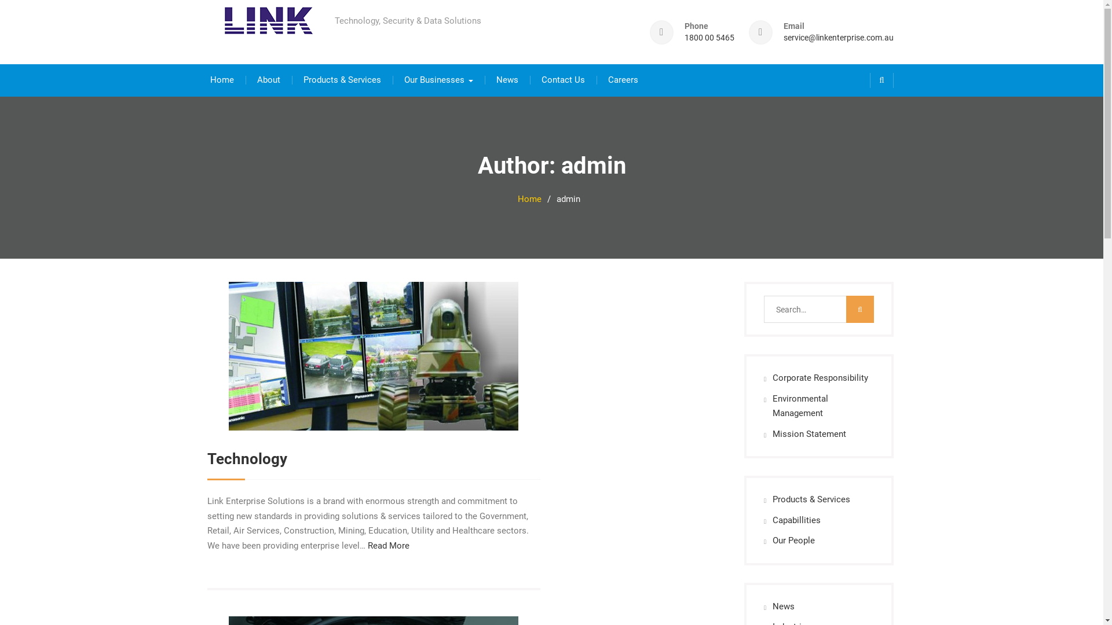 This screenshot has width=1112, height=625. I want to click on 'Our People', so click(773, 540).